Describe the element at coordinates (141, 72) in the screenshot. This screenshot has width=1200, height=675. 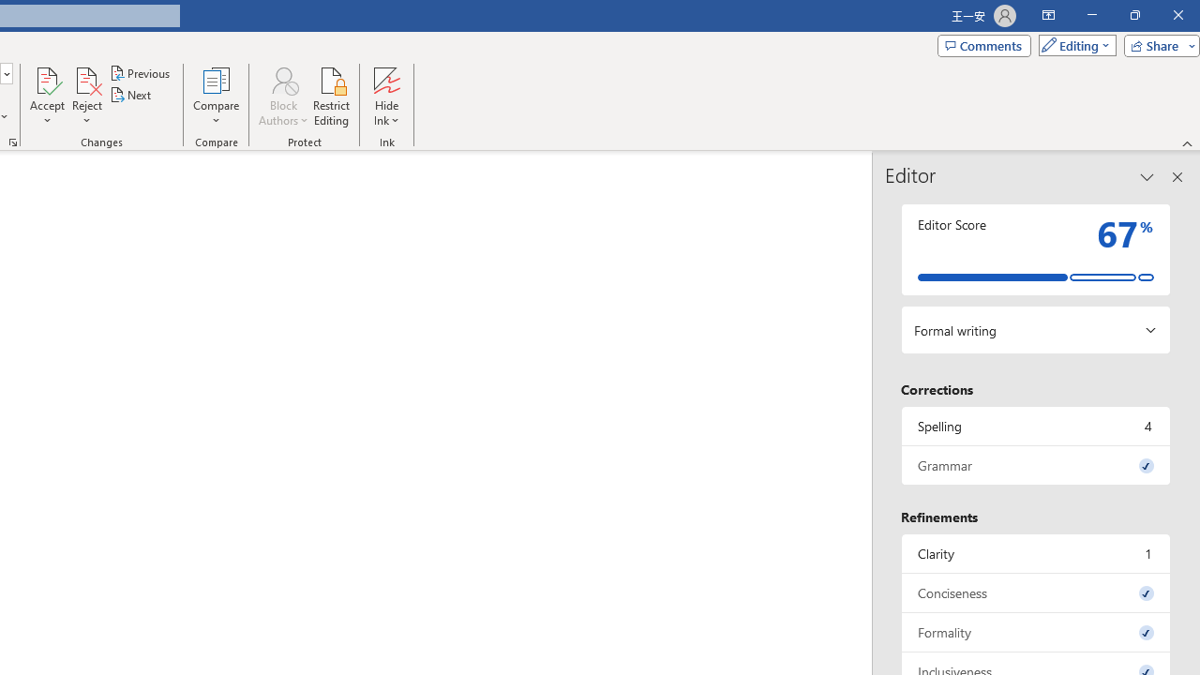
I see `'Previous'` at that location.